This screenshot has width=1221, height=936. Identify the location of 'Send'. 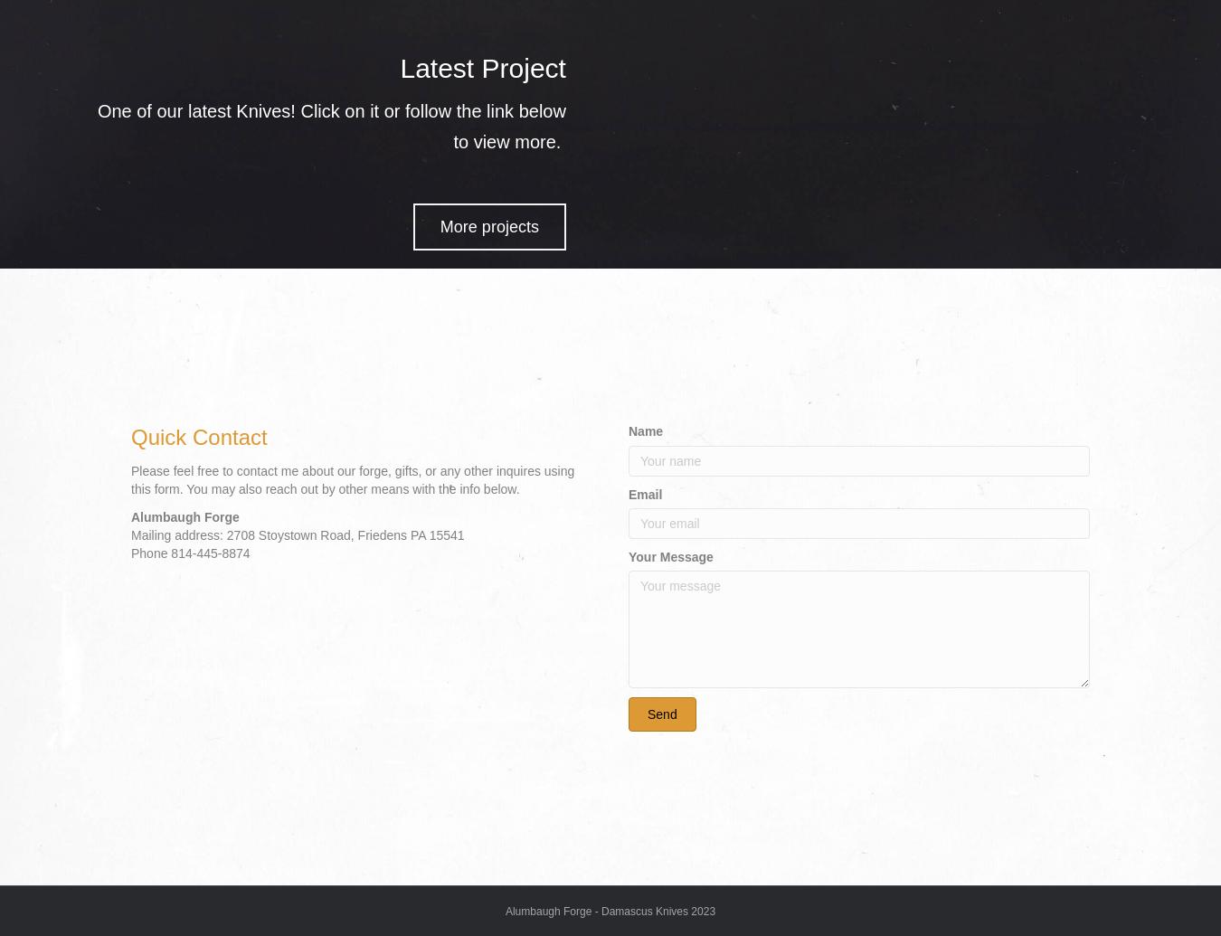
(660, 714).